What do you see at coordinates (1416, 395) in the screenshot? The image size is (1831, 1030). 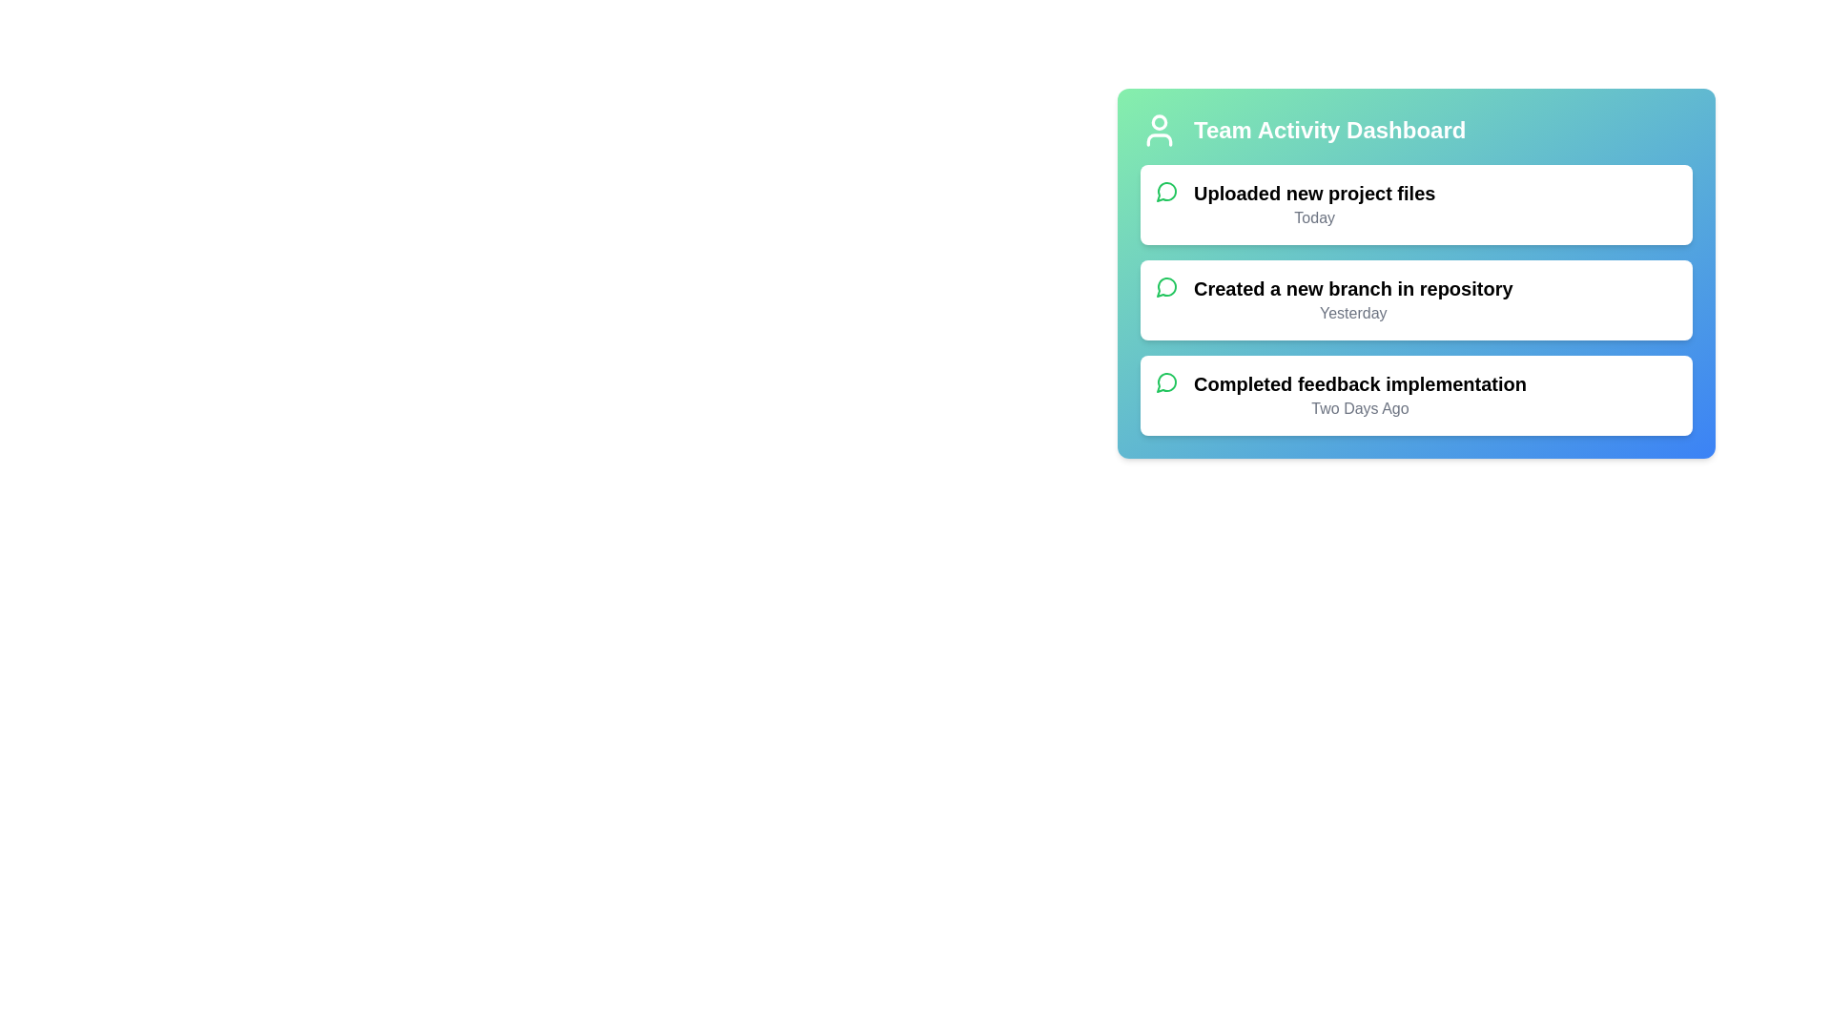 I see `the activity card labeled 'Completed feedback implementation' to observe hover effects` at bounding box center [1416, 395].